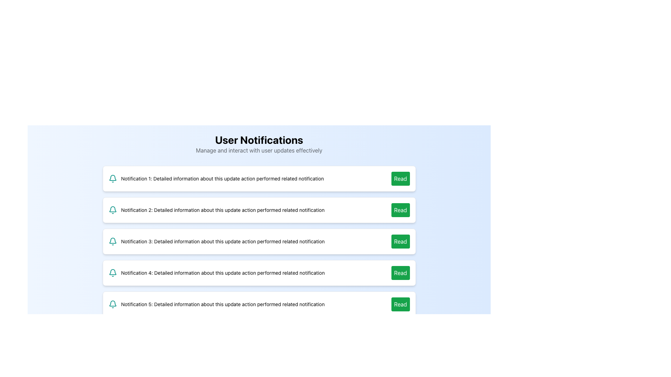 This screenshot has height=377, width=671. I want to click on the bell icon, which serves as a visual indicator for notifications, located at the leftmost side of the first notification row, so click(113, 178).